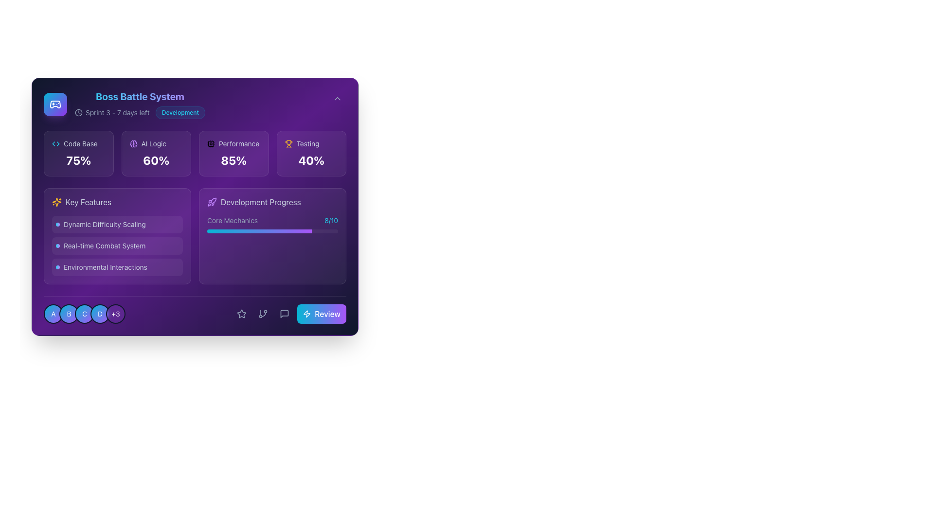  What do you see at coordinates (131, 144) in the screenshot?
I see `the left-side curved shape of the SVG graphic element representing a brain or cloud located in the bottom center area of the interface` at bounding box center [131, 144].